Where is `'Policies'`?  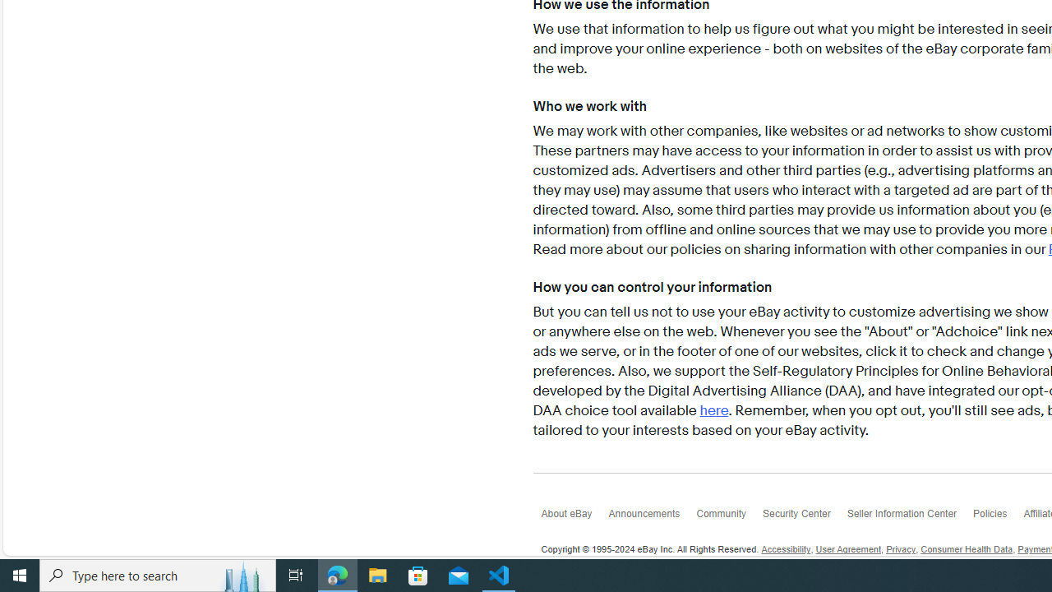
'Policies' is located at coordinates (997, 516).